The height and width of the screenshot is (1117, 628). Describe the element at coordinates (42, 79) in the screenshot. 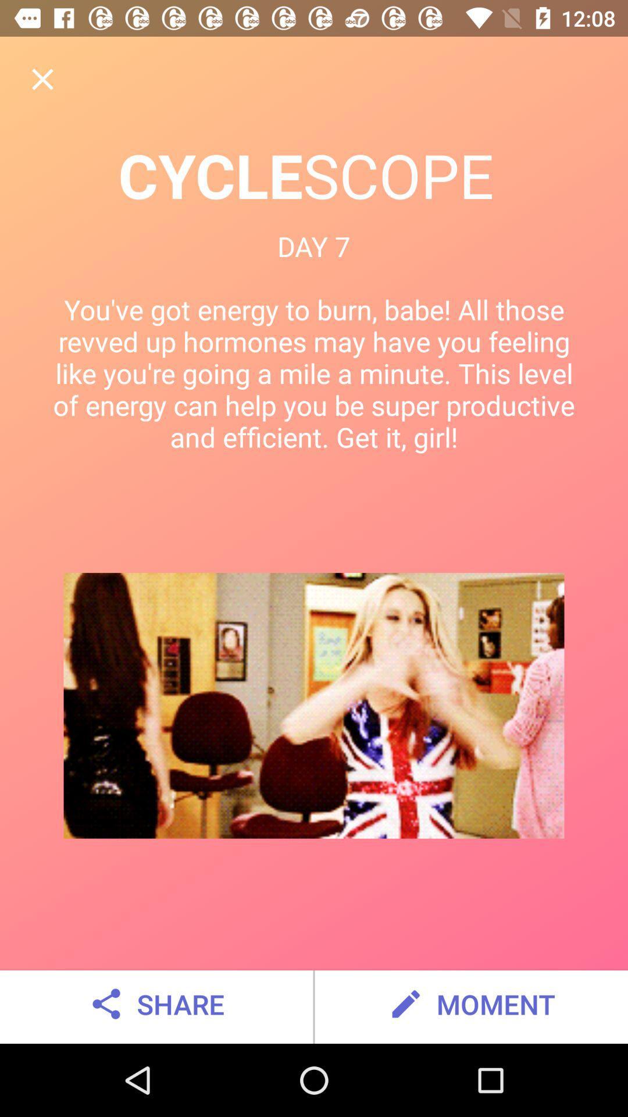

I see `cyclescope` at that location.